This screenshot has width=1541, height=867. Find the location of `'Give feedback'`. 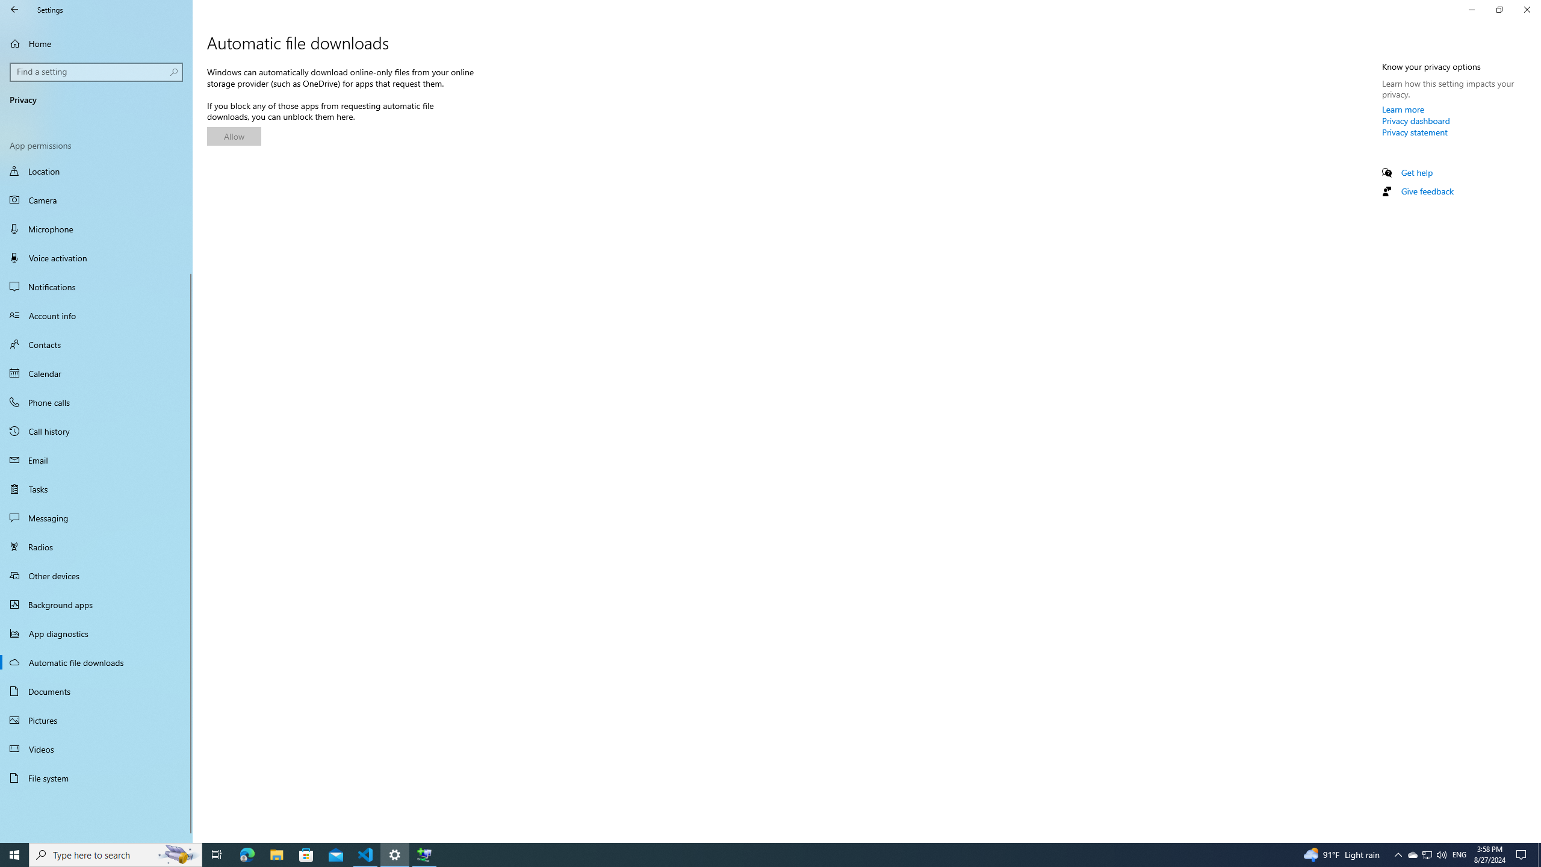

'Give feedback' is located at coordinates (1426, 191).